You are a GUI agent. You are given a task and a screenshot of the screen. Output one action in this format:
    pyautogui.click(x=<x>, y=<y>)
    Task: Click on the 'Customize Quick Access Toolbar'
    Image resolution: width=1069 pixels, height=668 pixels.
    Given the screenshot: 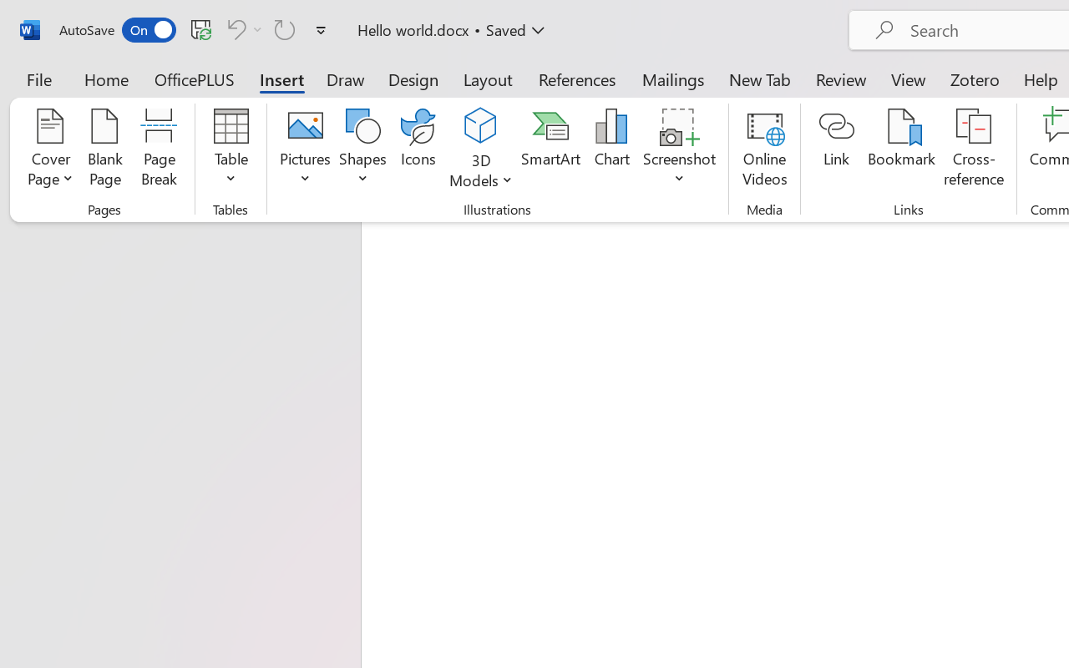 What is the action you would take?
    pyautogui.click(x=321, y=29)
    